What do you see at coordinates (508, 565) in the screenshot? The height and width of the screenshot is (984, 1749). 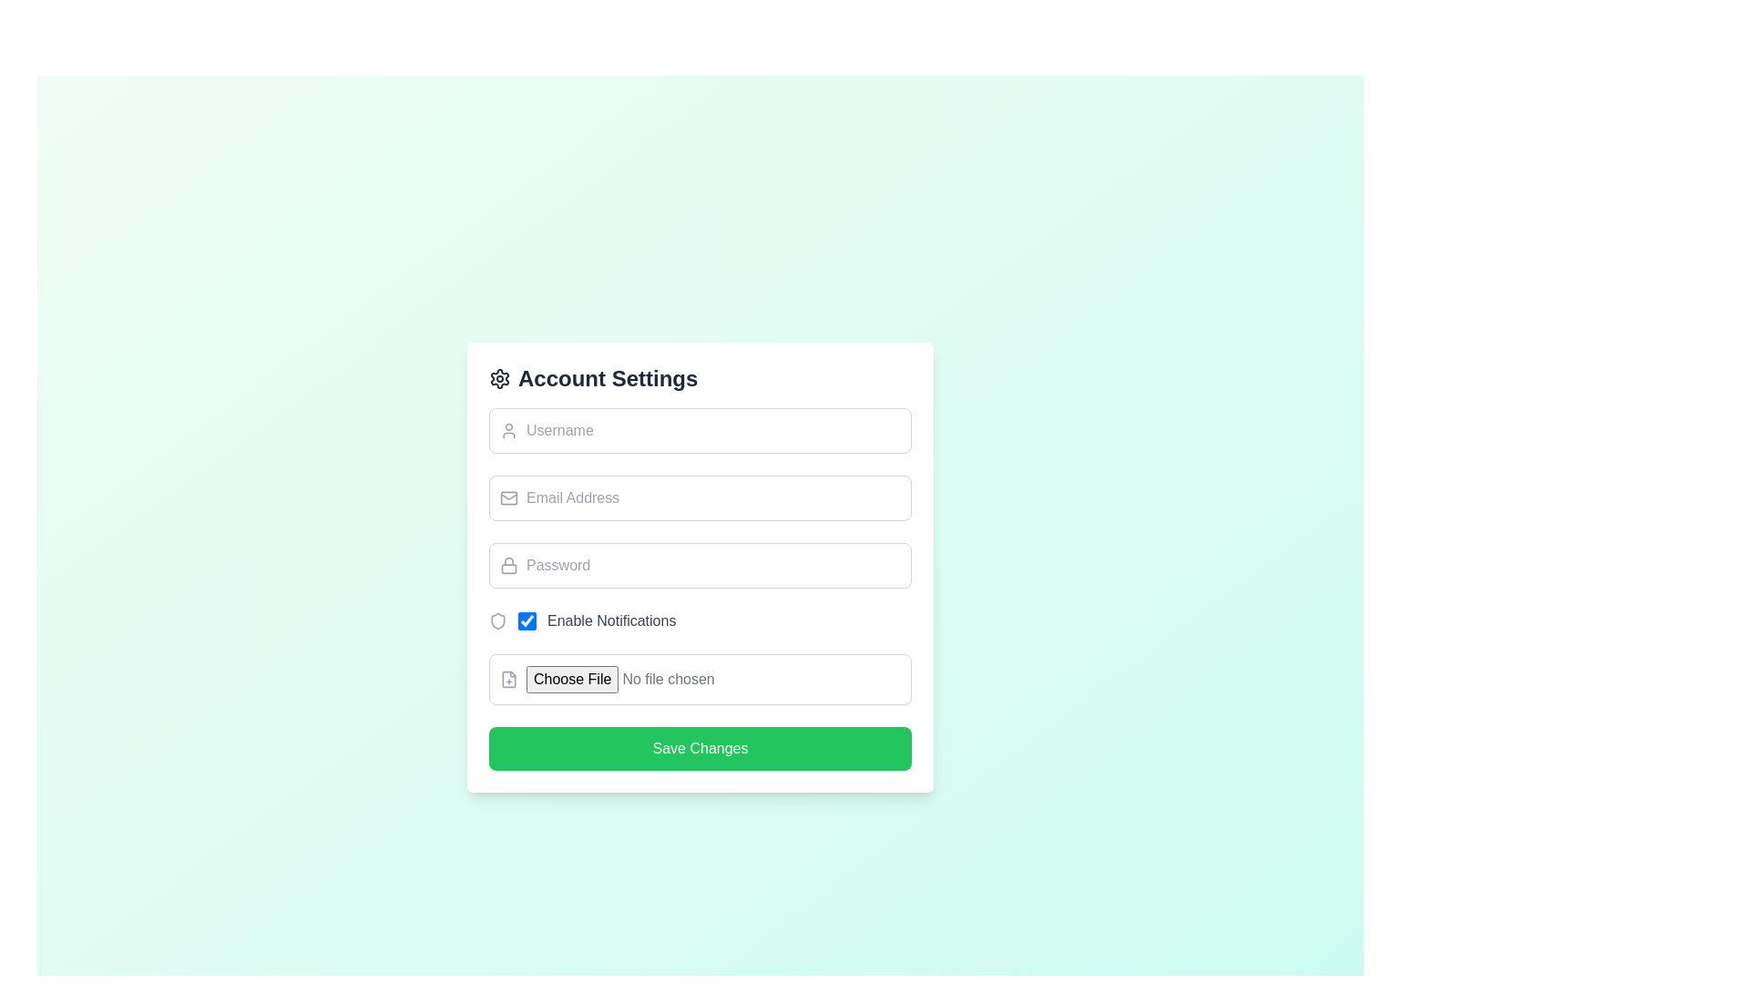 I see `the padlock icon located to the left of the password input field, which indicates that the adjacent input is for password entry` at bounding box center [508, 565].